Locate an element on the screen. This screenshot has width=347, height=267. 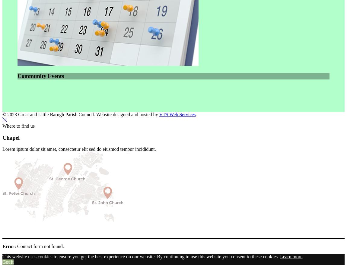
'VTS Web Services' is located at coordinates (177, 114).